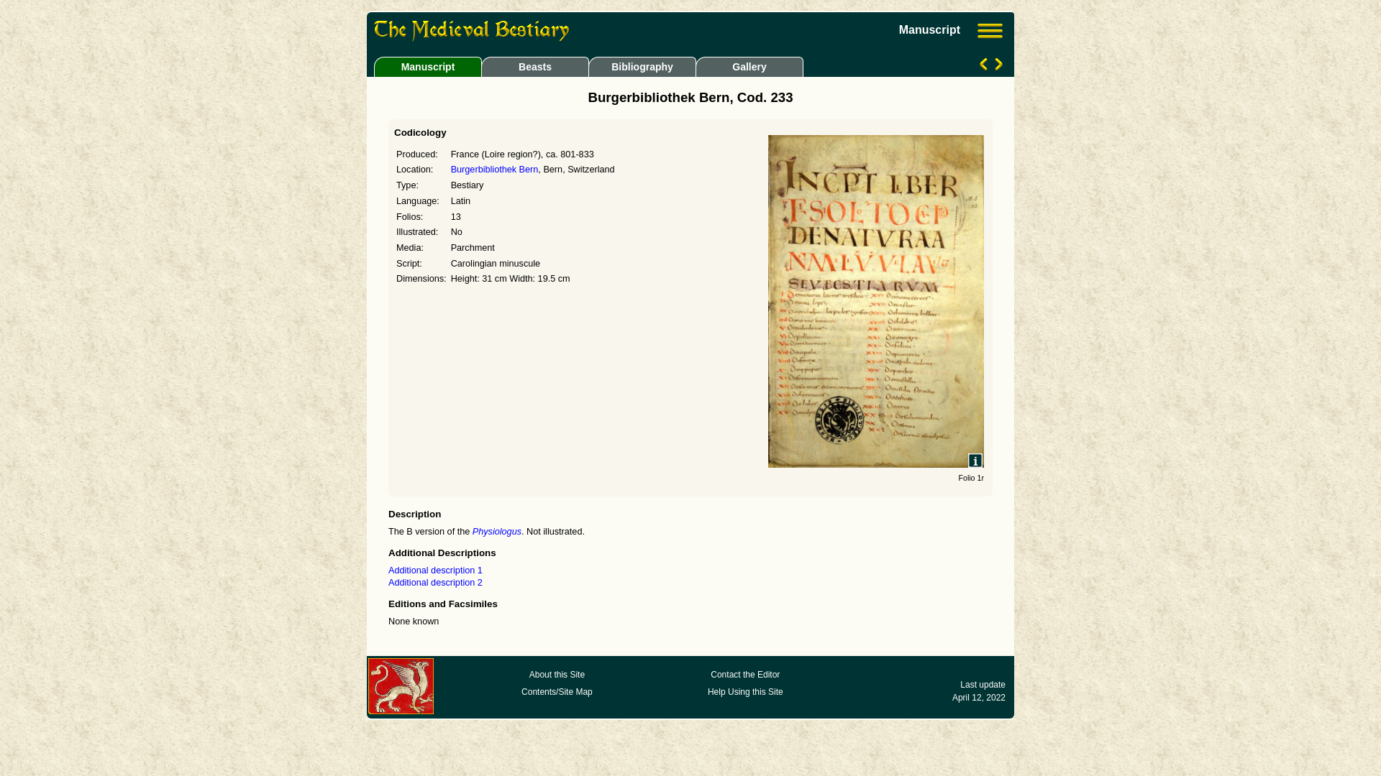 The width and height of the screenshot is (1381, 776). Describe the element at coordinates (556, 691) in the screenshot. I see `'Contents/Site Map'` at that location.